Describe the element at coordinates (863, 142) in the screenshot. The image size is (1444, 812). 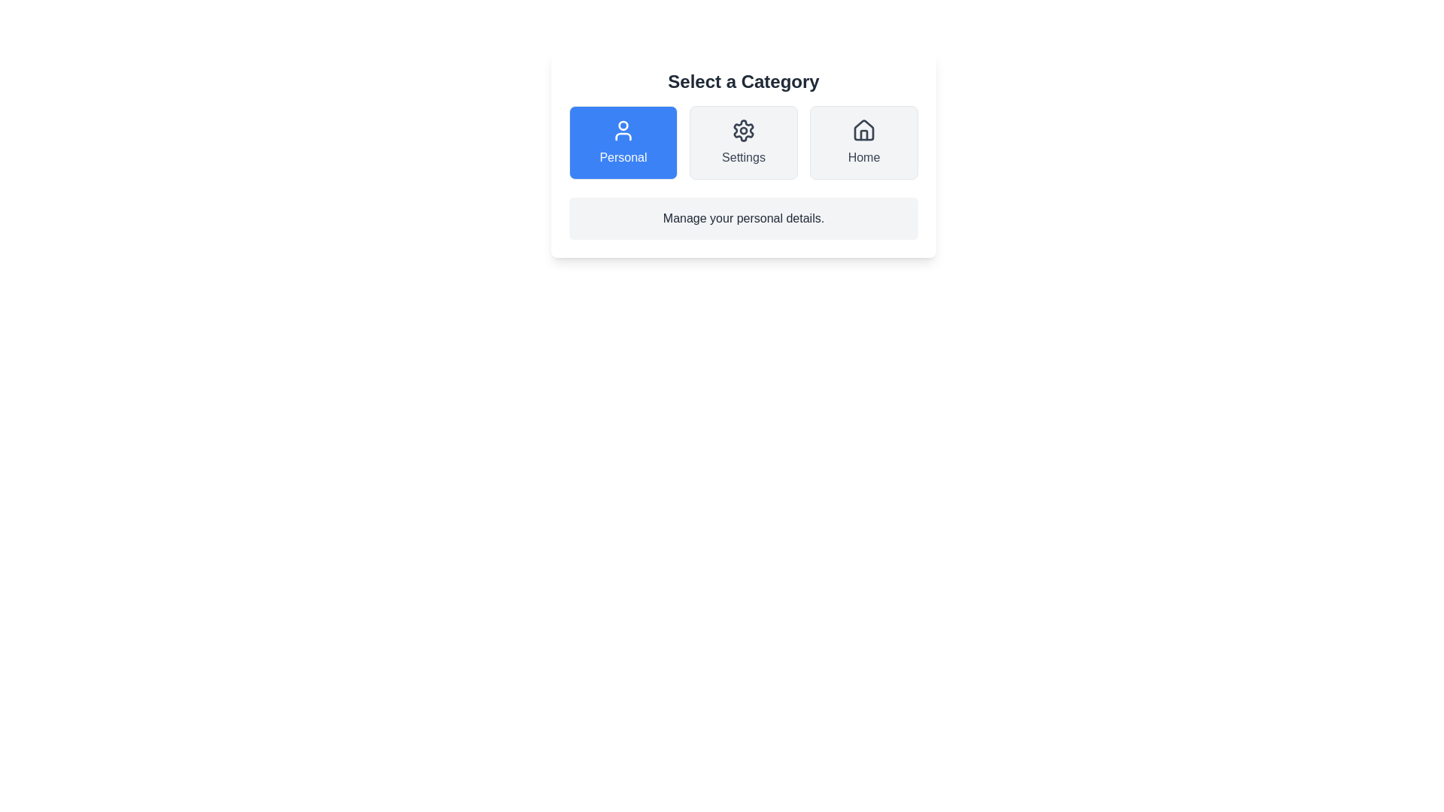
I see `the Home button to observe the hover effect` at that location.